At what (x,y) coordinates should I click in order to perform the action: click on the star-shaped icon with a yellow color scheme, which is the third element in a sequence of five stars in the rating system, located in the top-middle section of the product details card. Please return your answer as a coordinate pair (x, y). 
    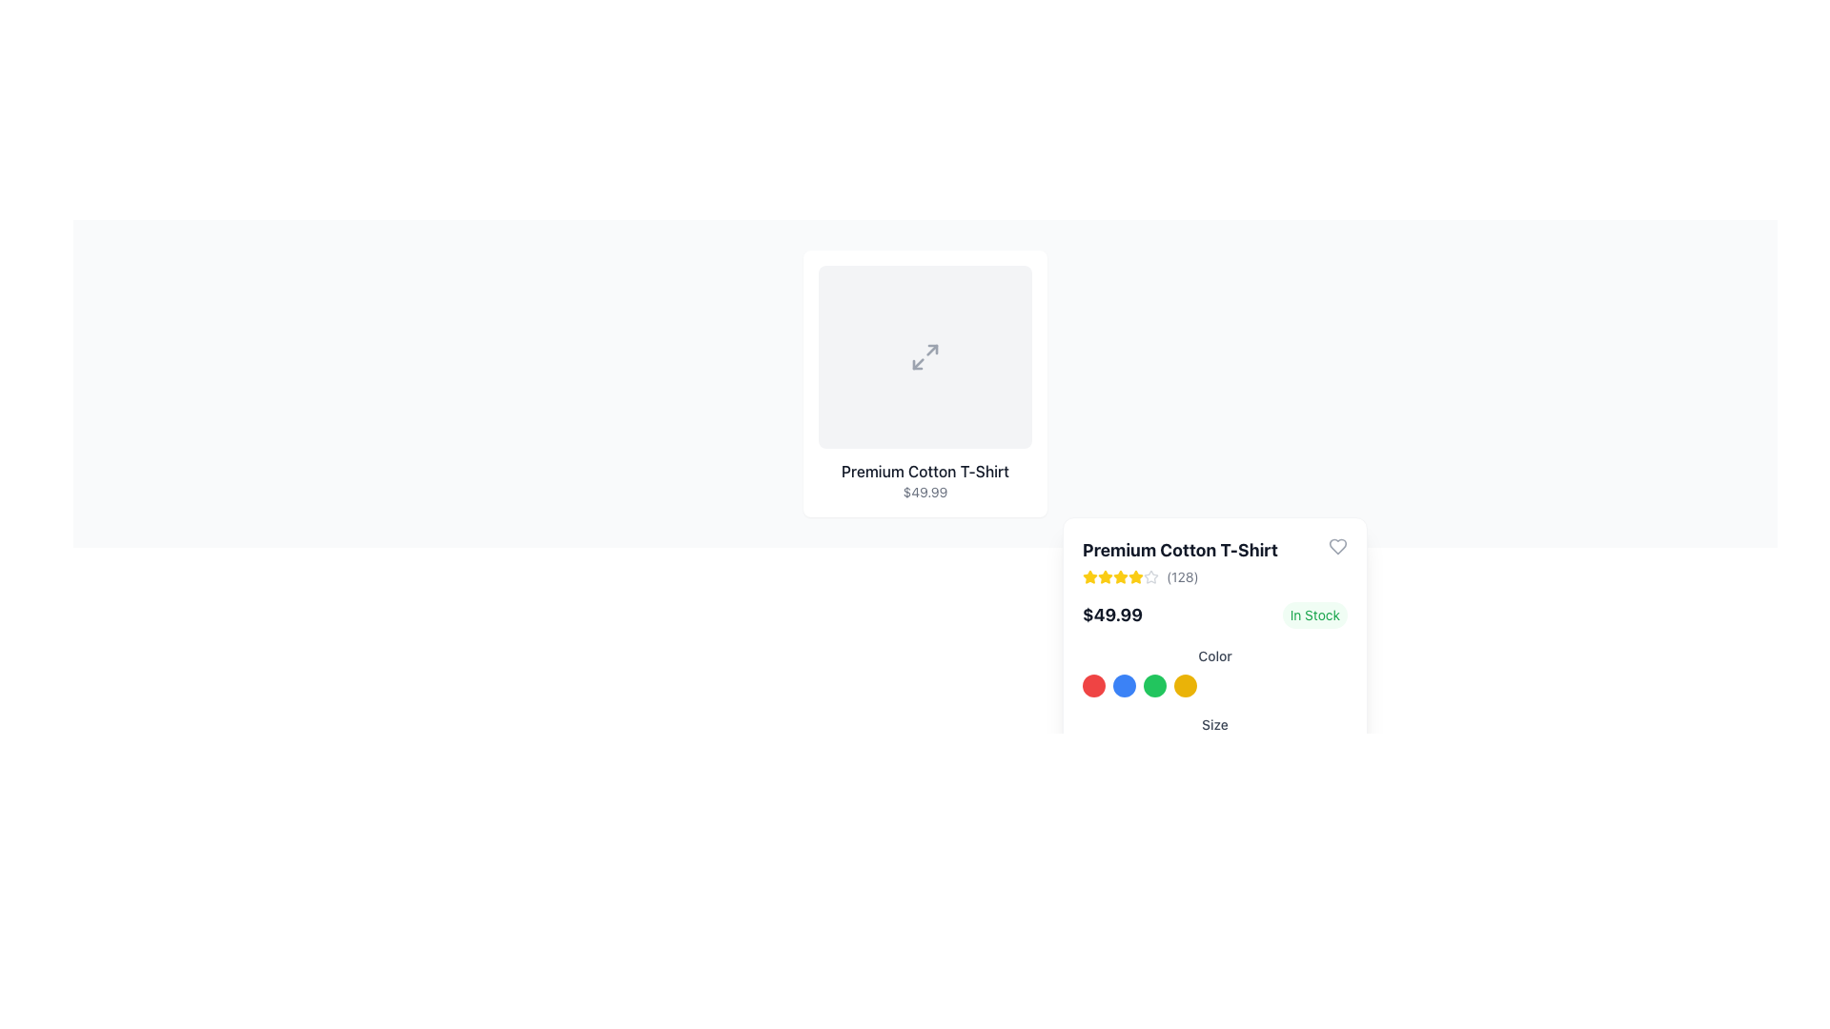
    Looking at the image, I should click on (1106, 575).